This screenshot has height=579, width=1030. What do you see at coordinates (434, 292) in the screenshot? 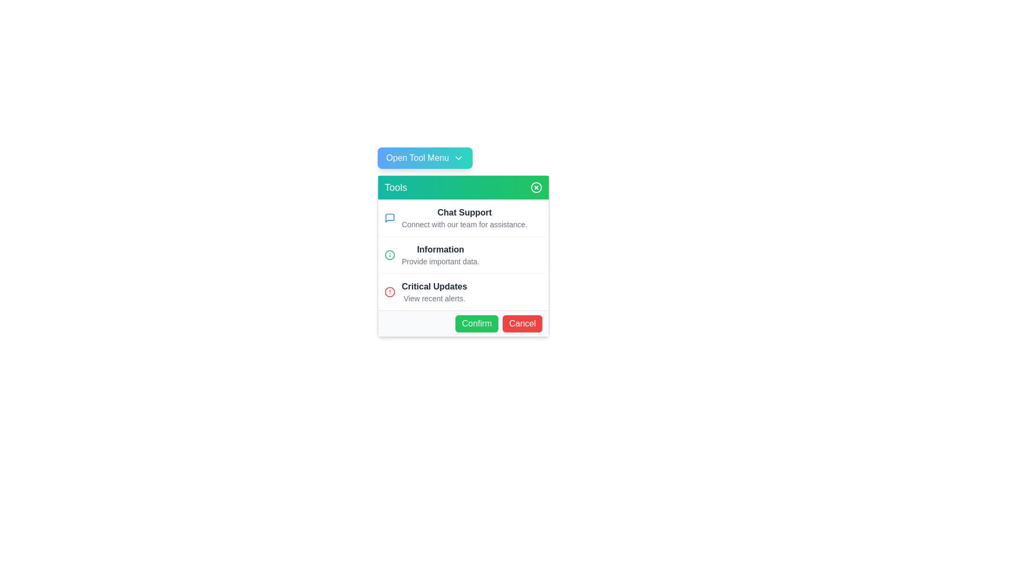
I see `the composite component displaying the title 'Critical Updates' and subtitle 'View recent alerts.' within the modal dialog under the 'Tools' section` at bounding box center [434, 292].